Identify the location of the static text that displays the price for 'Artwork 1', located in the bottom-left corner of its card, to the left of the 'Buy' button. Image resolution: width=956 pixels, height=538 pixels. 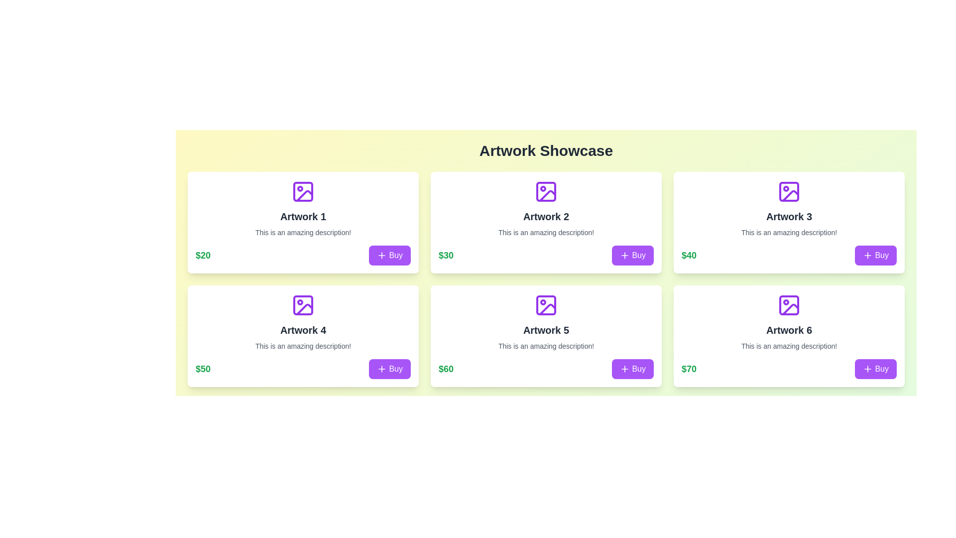
(203, 255).